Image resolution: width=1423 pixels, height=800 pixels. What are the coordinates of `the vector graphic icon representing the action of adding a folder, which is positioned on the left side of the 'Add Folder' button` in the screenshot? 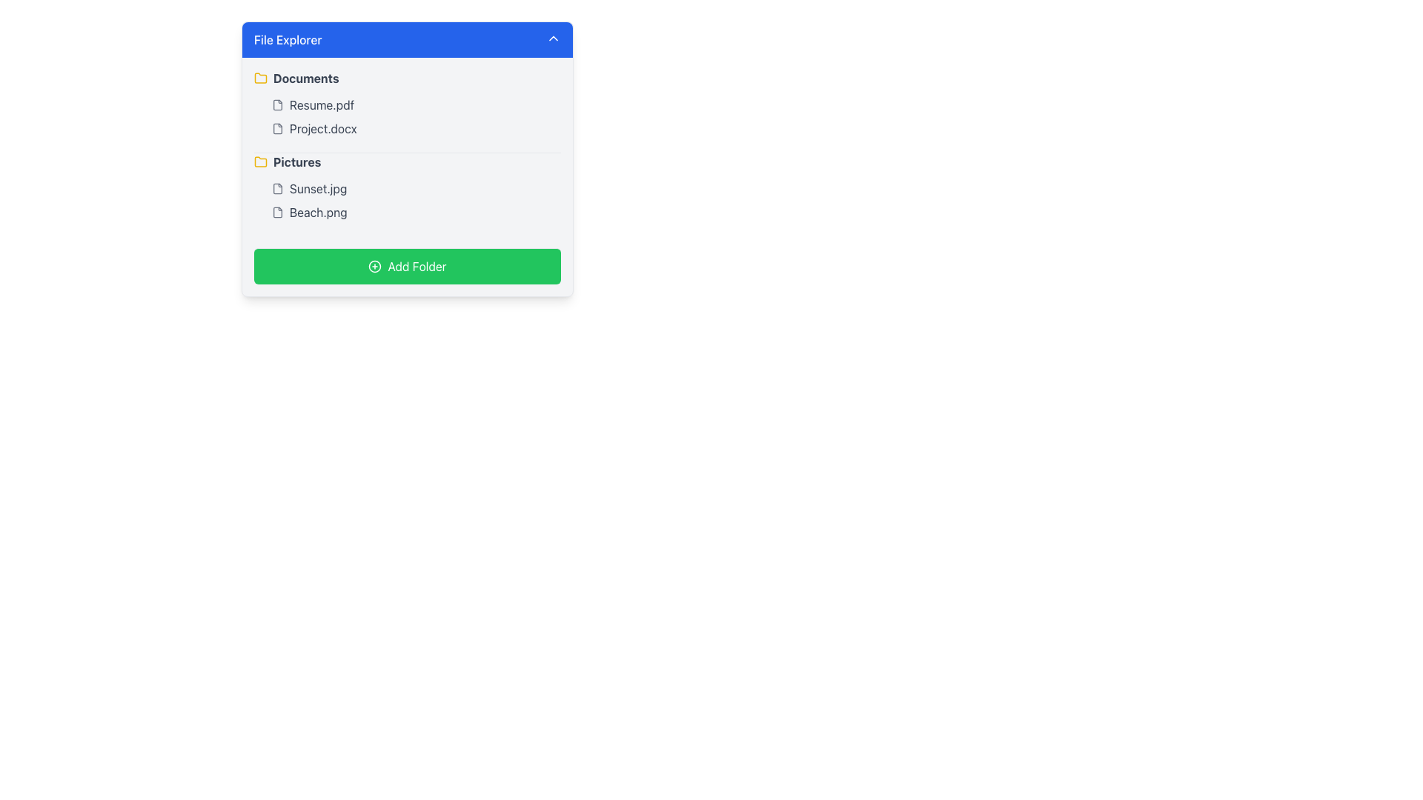 It's located at (375, 265).